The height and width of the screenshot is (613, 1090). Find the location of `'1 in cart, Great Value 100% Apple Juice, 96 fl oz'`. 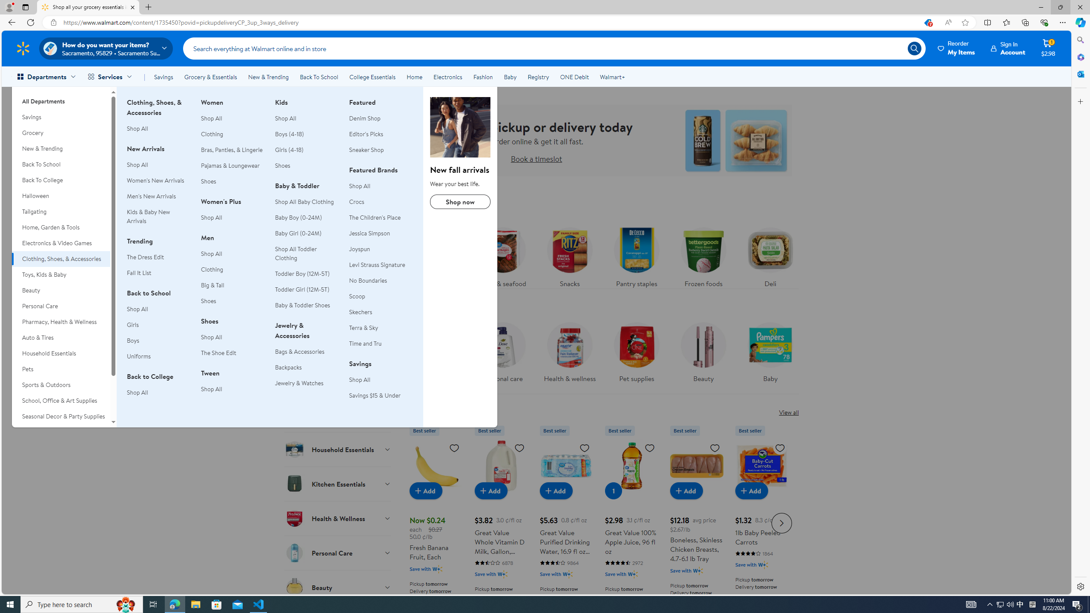

'1 in cart, Great Value 100% Apple Juice, 96 fl oz' is located at coordinates (613, 490).